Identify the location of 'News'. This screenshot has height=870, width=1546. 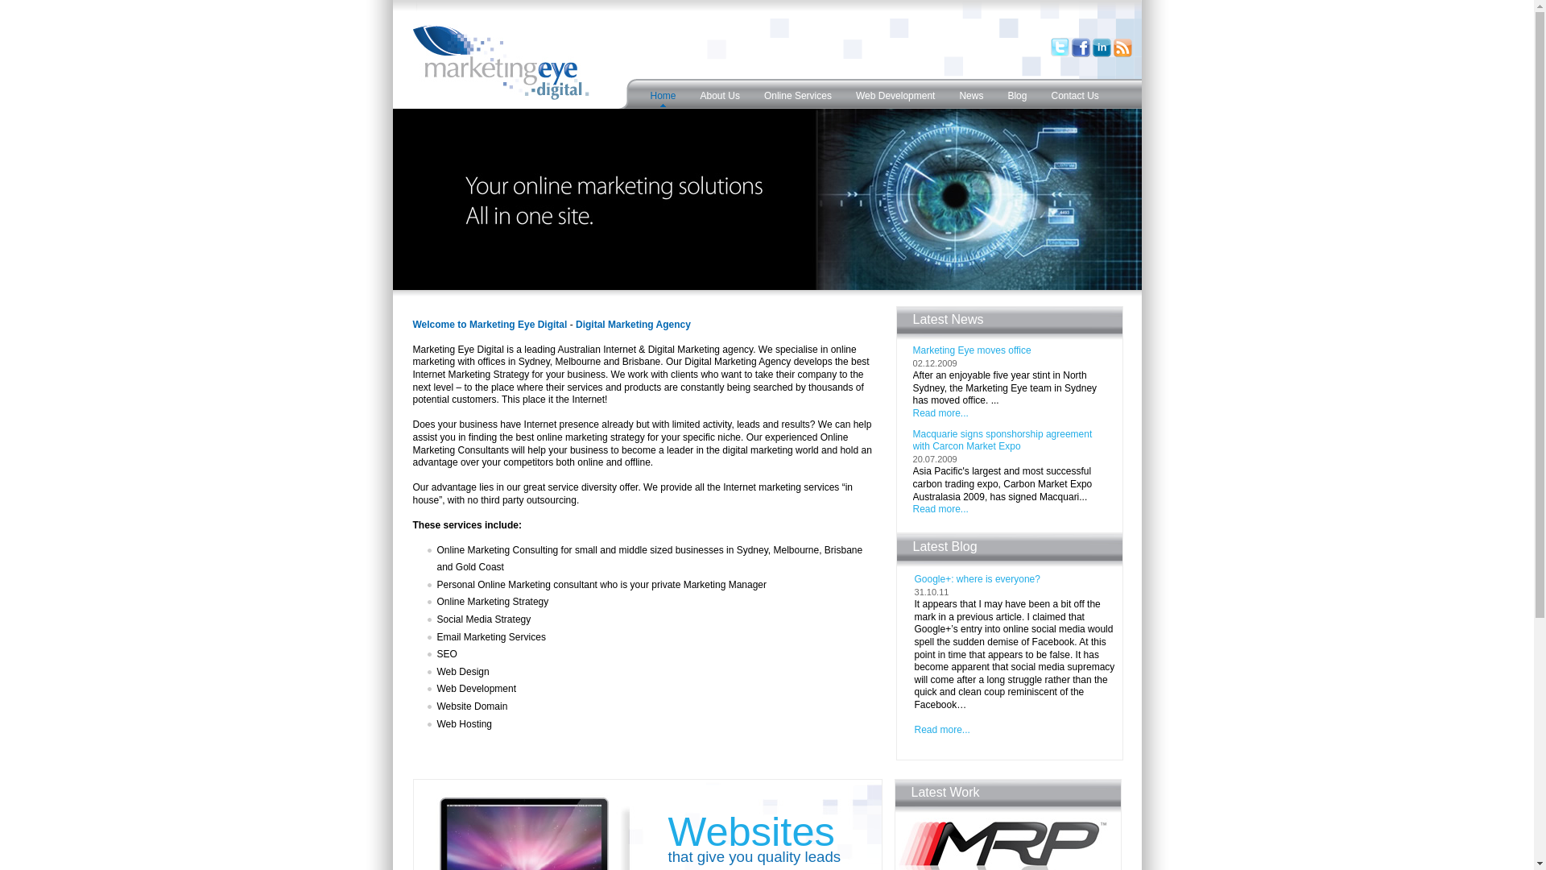
(969, 93).